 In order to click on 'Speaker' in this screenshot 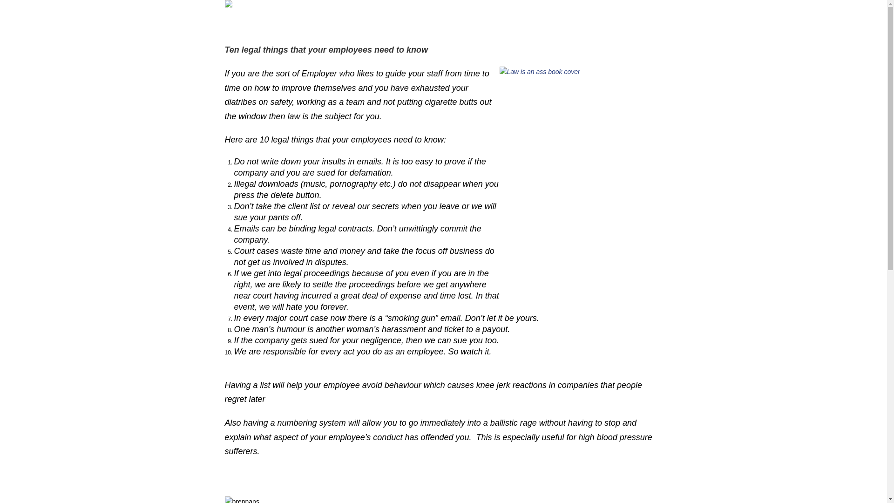, I will do `click(325, 20)`.